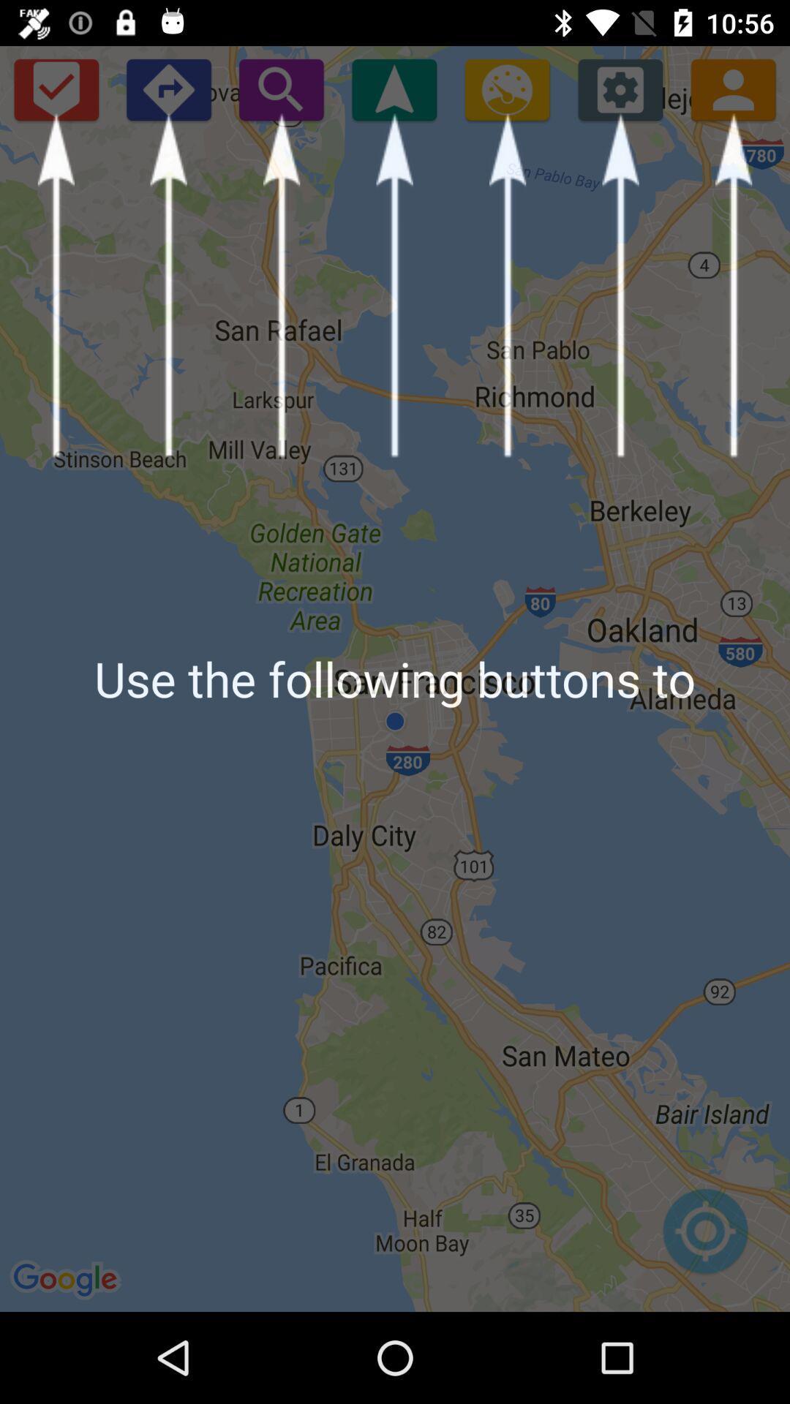 The height and width of the screenshot is (1404, 790). What do you see at coordinates (55, 88) in the screenshot?
I see `the check icon` at bounding box center [55, 88].